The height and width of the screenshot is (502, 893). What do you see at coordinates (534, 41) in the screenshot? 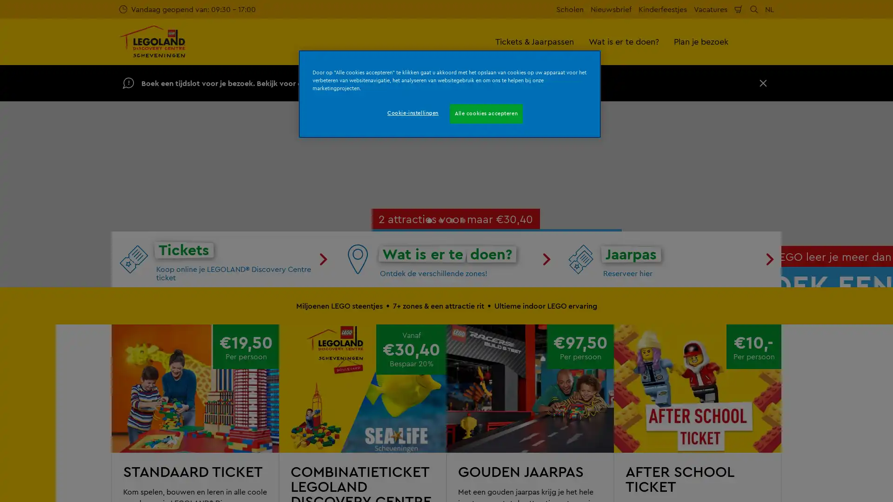
I see `Tickets & Jaarpassen` at bounding box center [534, 41].